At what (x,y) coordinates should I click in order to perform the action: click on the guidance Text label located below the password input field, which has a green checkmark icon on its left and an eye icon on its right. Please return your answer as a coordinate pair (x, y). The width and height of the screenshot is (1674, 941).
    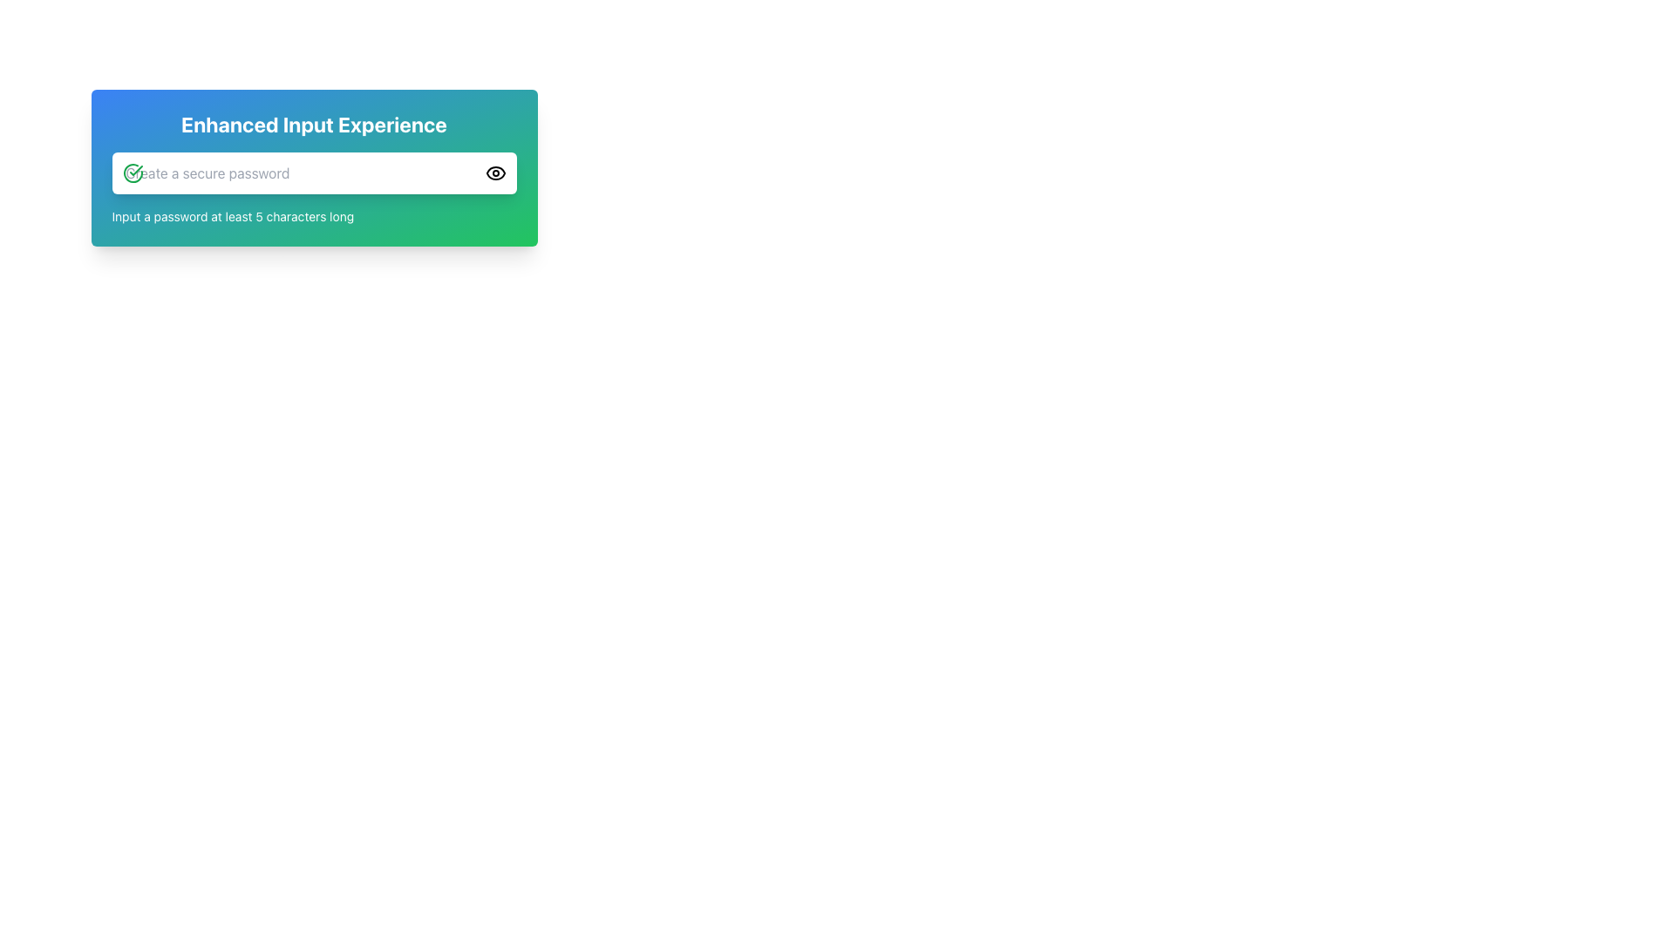
    Looking at the image, I should click on (314, 216).